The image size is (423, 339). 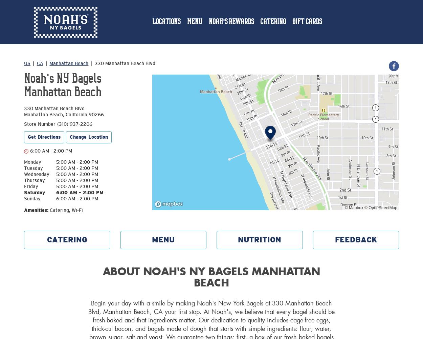 I want to click on 'NUTRITION', so click(x=260, y=240).